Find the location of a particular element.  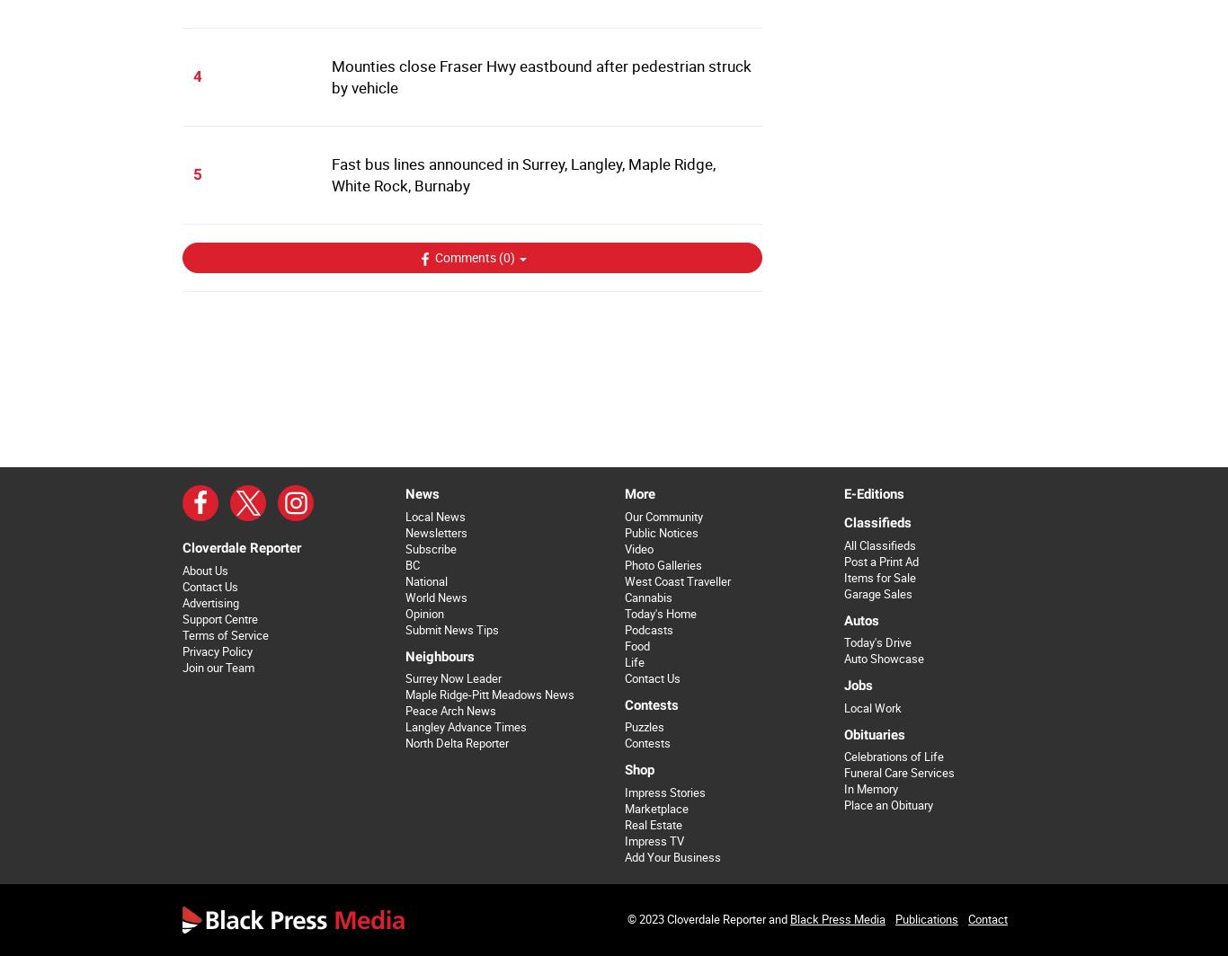

'Classifieds' is located at coordinates (877, 522).